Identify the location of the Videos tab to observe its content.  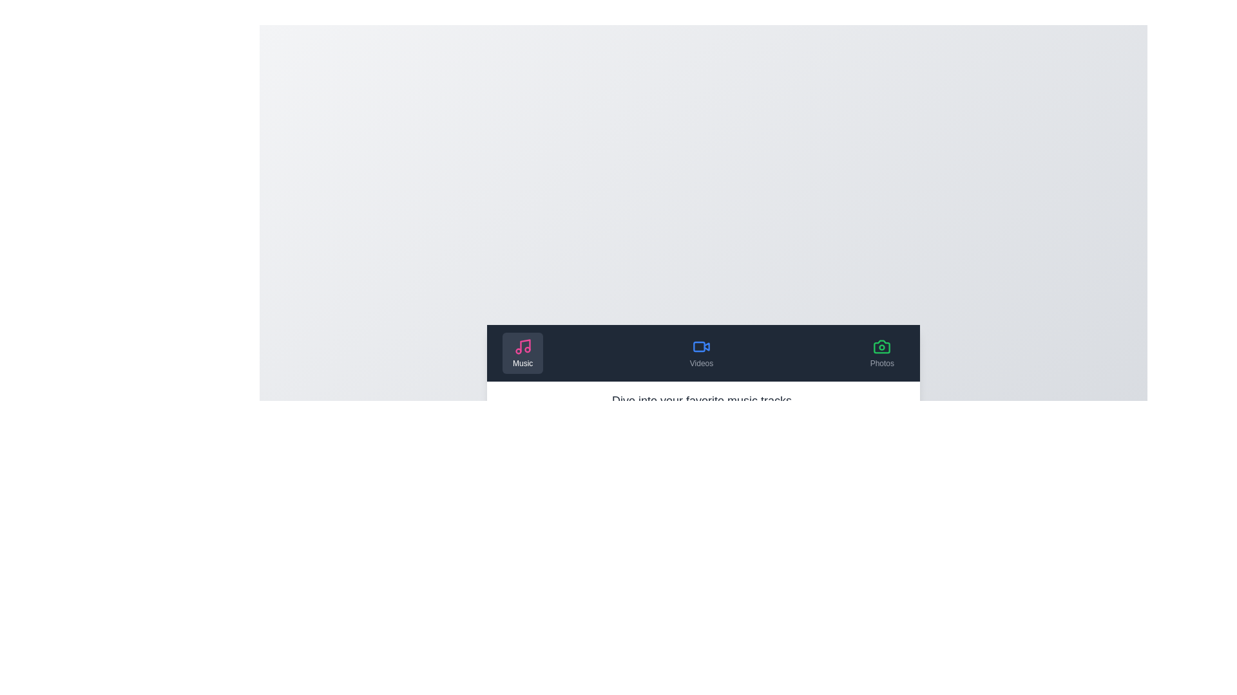
(701, 353).